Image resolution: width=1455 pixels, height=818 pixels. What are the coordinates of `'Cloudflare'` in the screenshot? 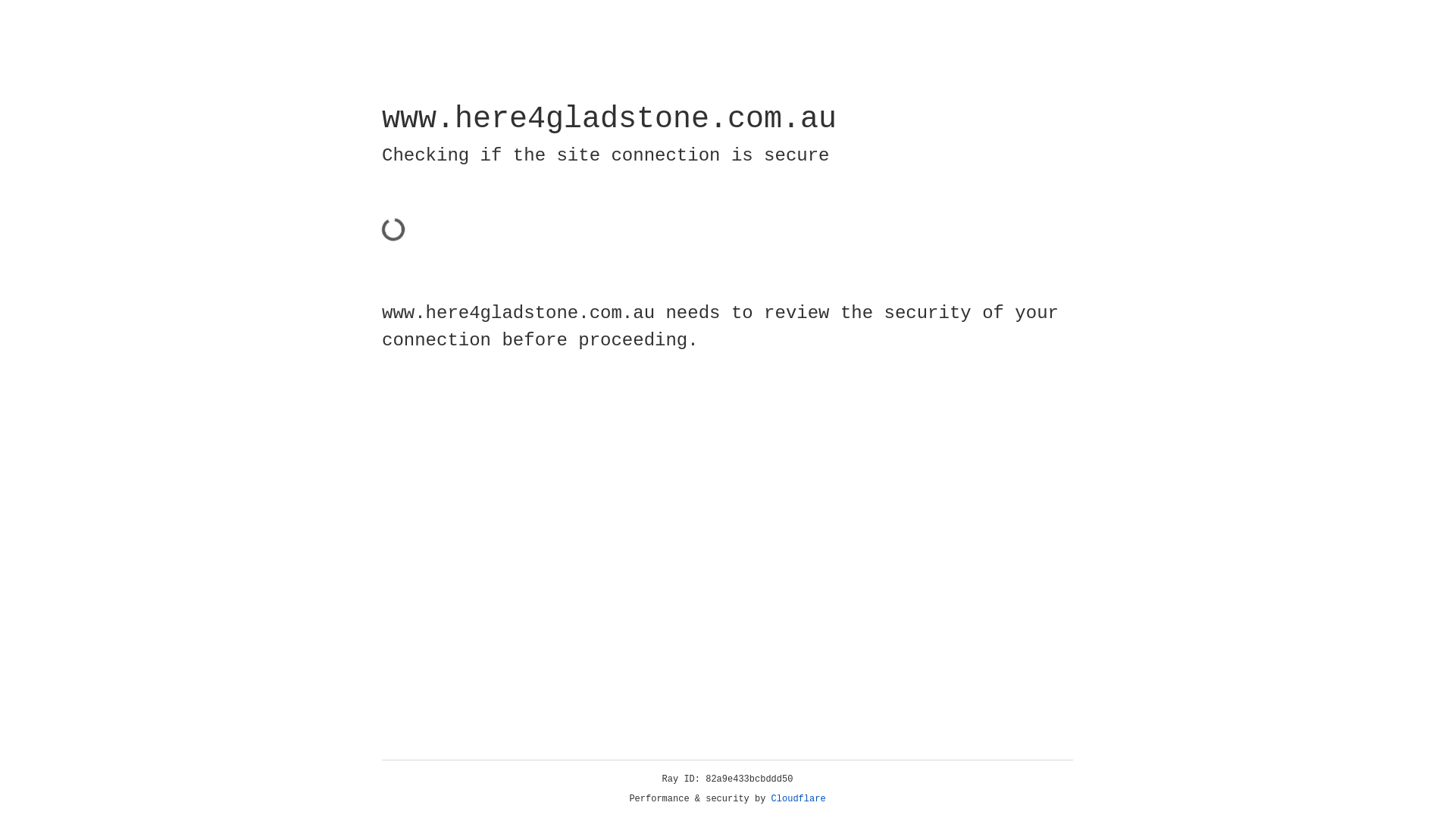 It's located at (798, 798).